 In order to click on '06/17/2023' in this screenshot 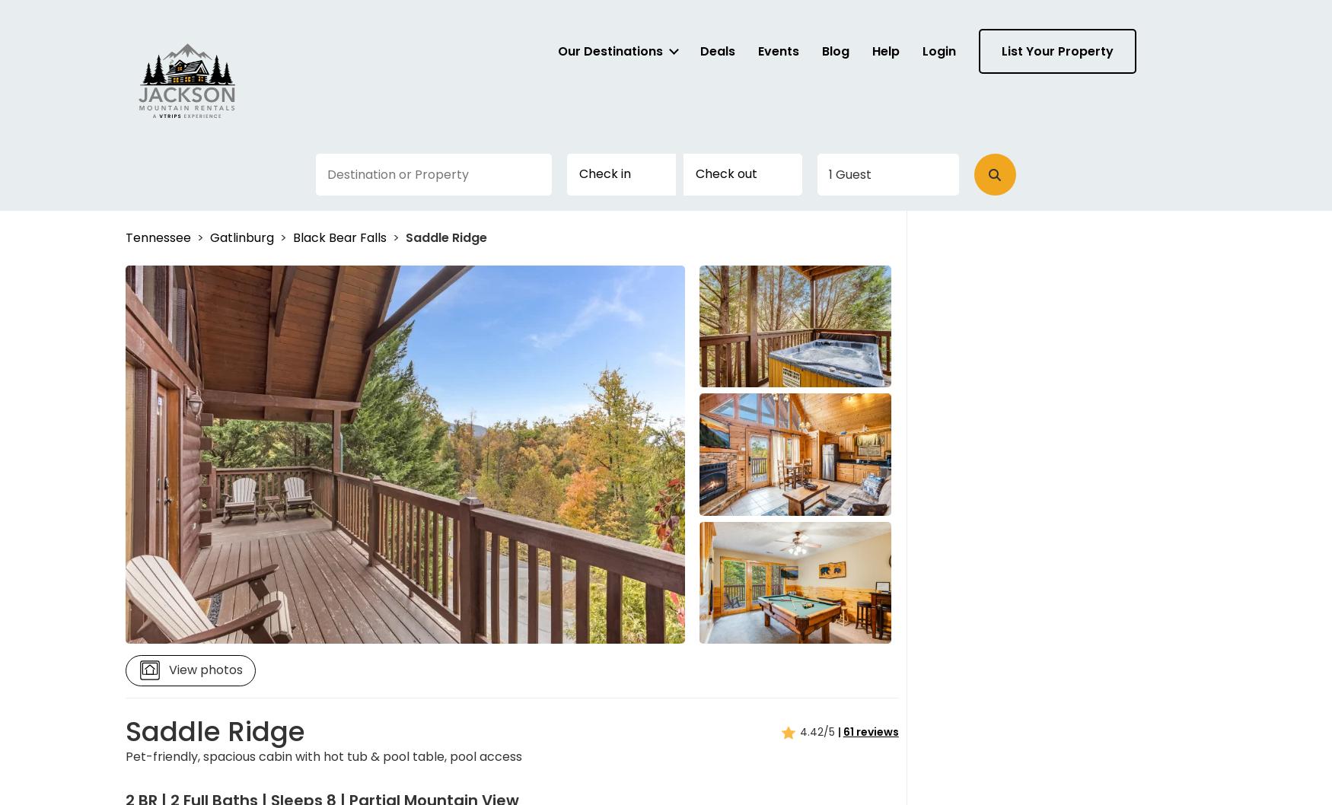, I will do `click(840, 298)`.